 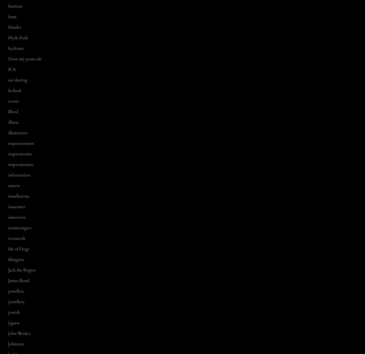 I want to click on 'ICA', so click(x=12, y=69).